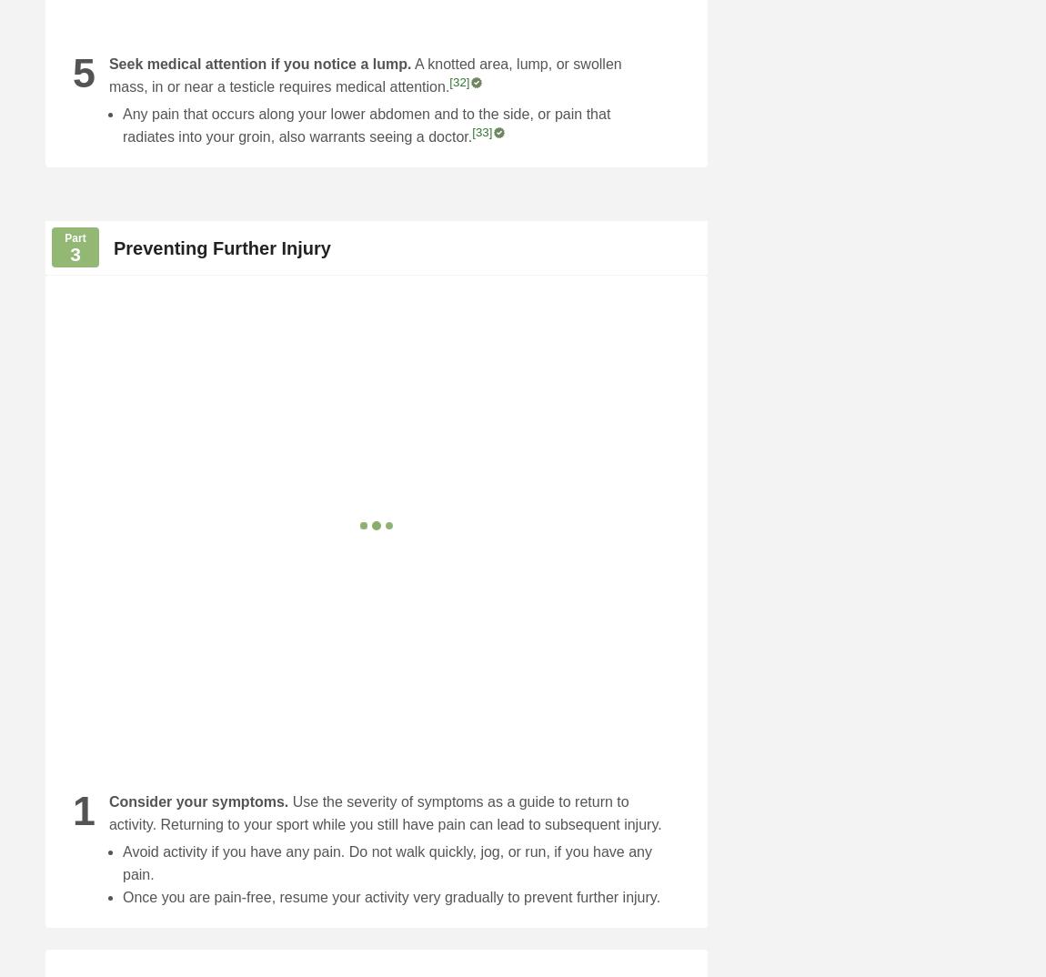 The image size is (1046, 977). I want to click on 'Use the severity of symptoms as a guide to return to activity. Returning to your sport while you still have pain can lead to subsequent injury.', so click(384, 811).